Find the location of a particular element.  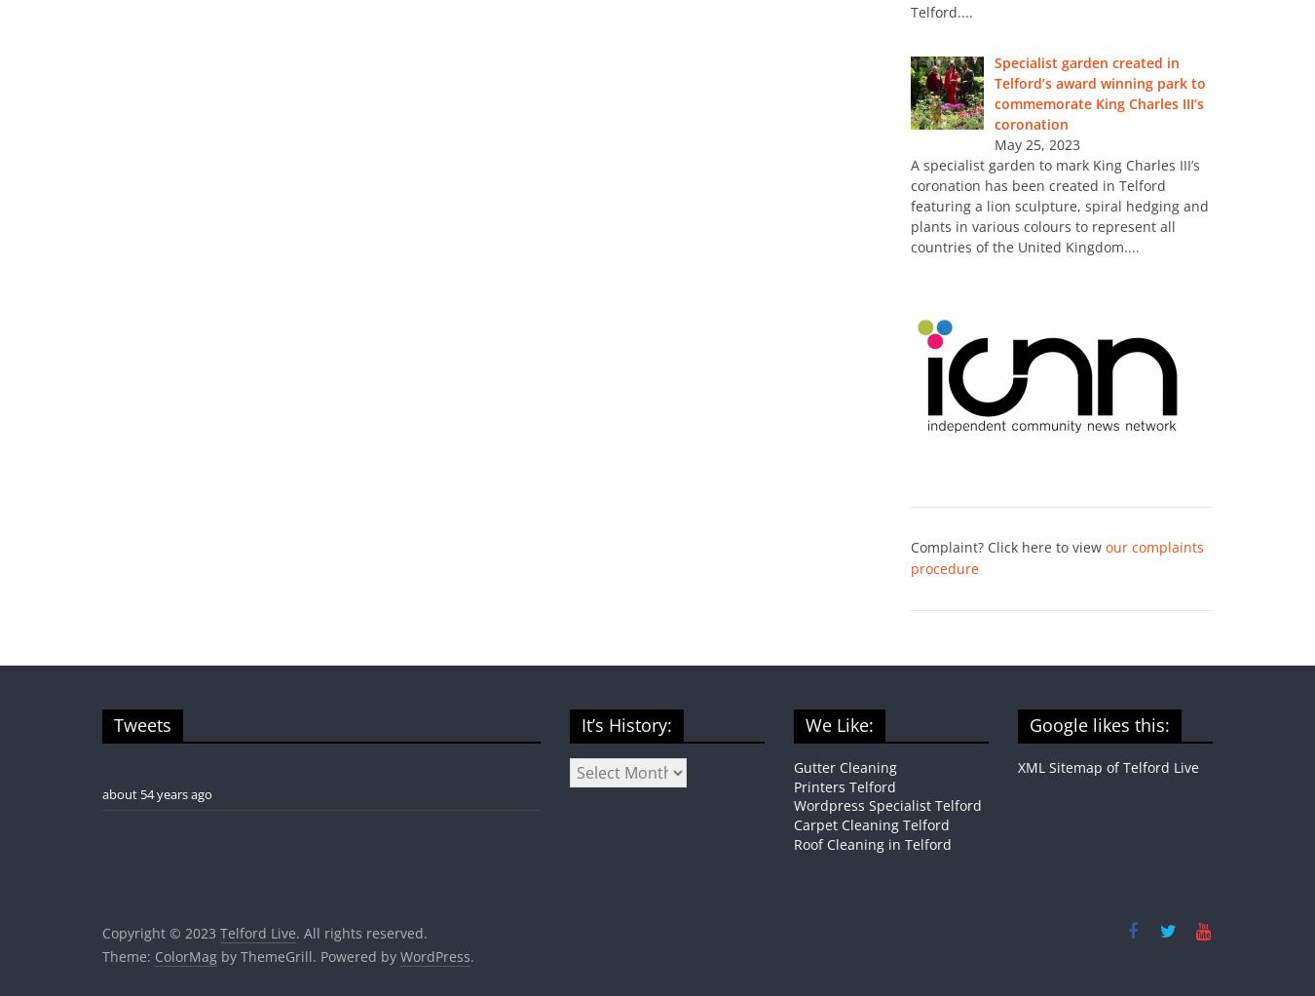

'about 54 years ago' is located at coordinates (157, 793).